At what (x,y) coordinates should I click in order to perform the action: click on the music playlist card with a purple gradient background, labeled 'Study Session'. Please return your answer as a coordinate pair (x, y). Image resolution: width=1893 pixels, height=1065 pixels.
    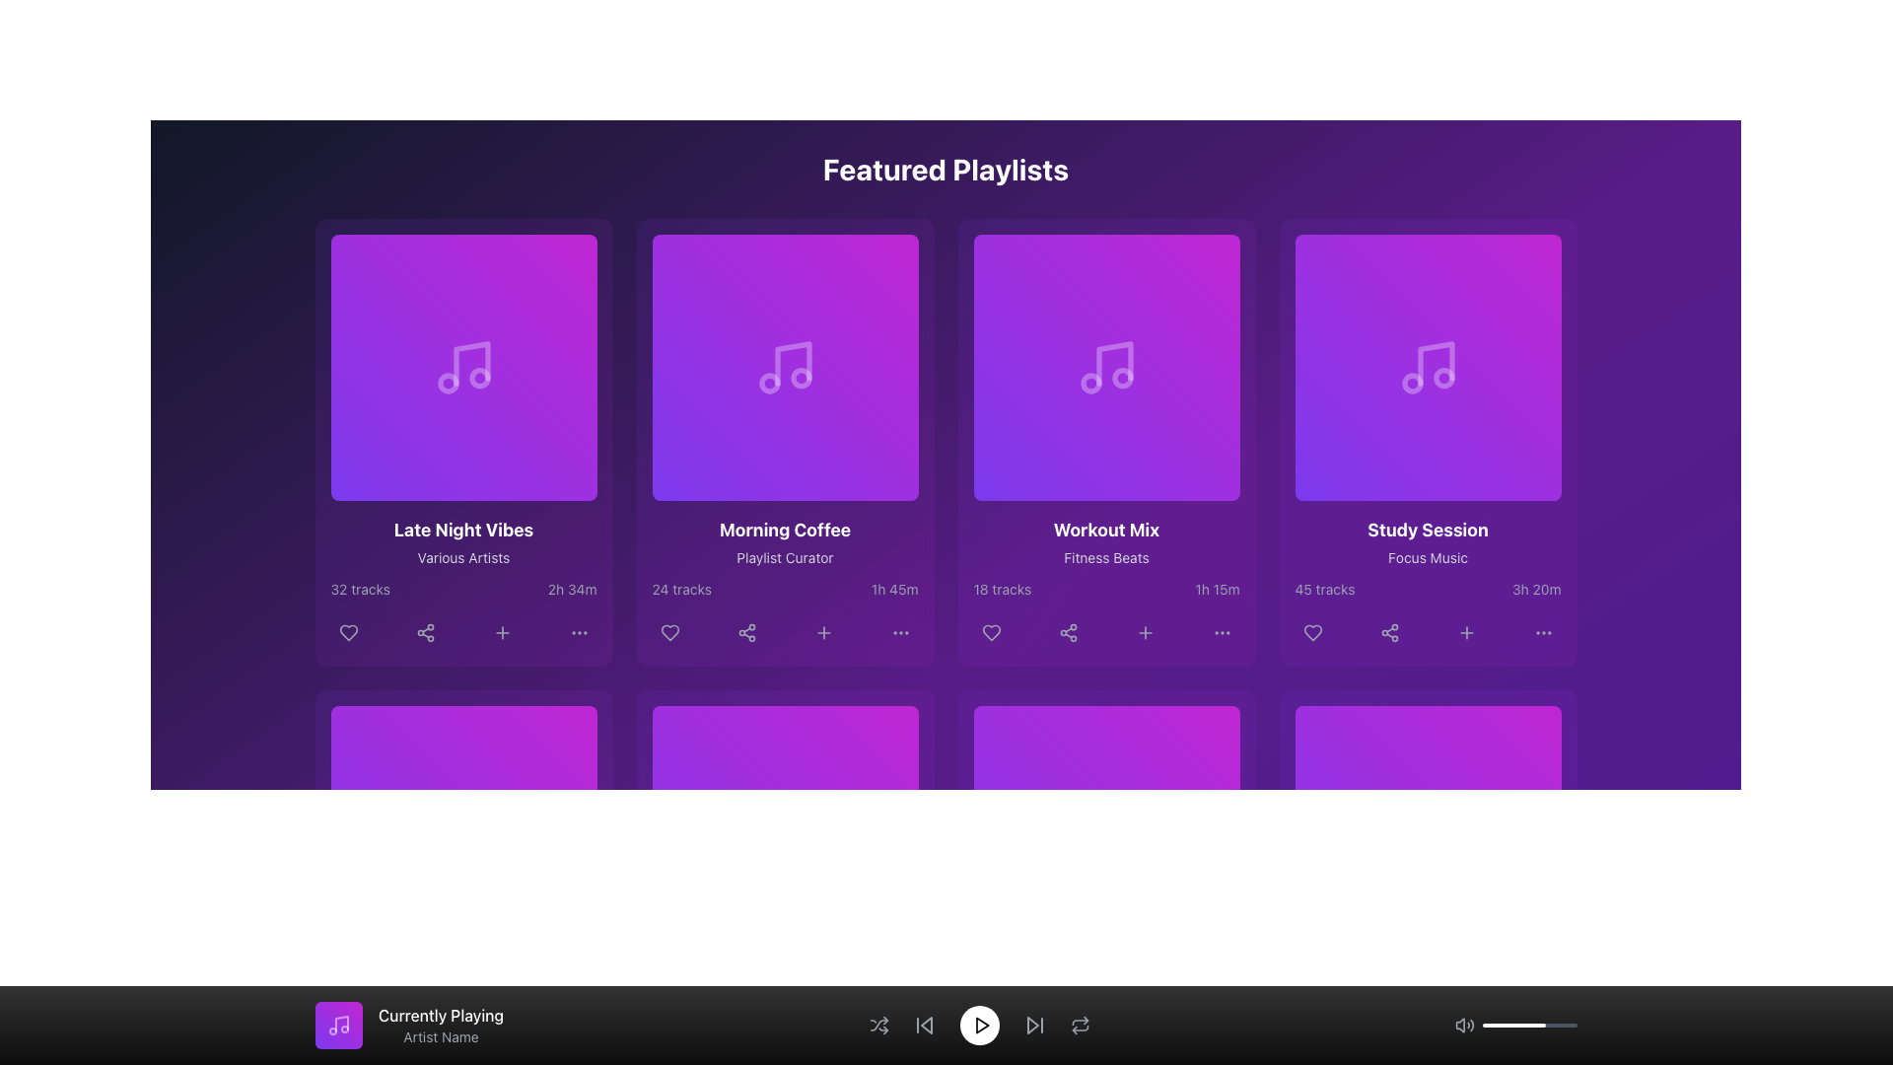
    Looking at the image, I should click on (1428, 441).